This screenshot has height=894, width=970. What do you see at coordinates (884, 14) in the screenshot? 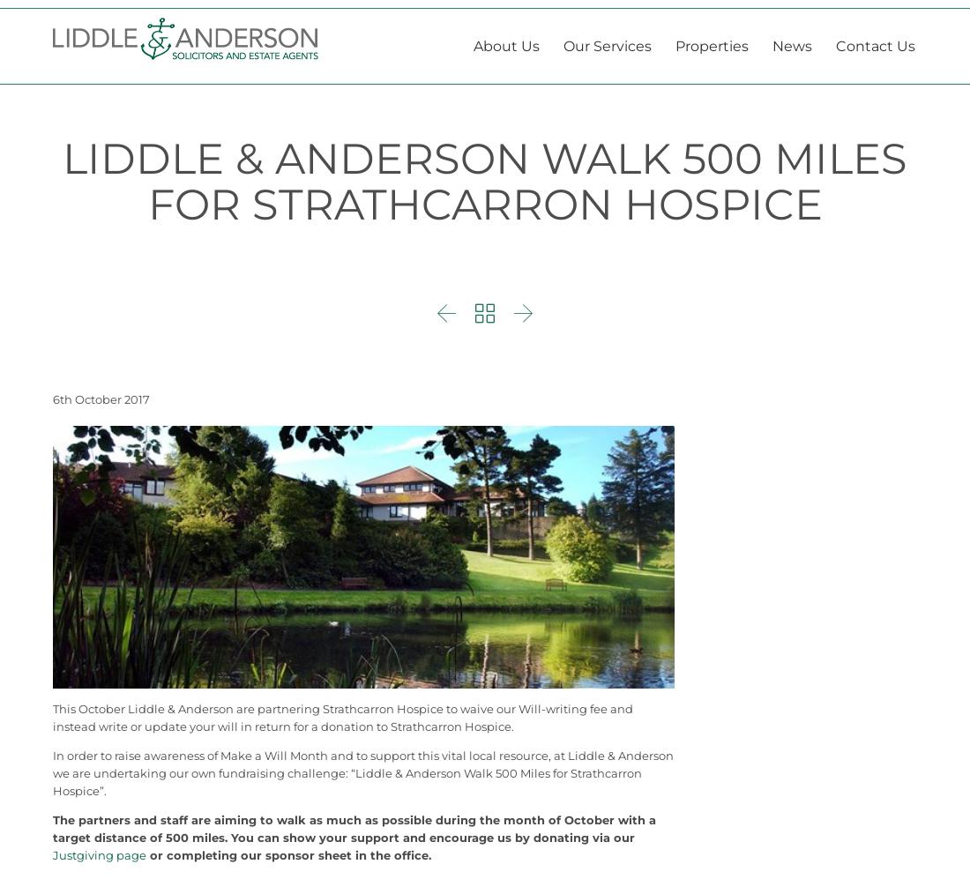
I see `'Search'` at bounding box center [884, 14].